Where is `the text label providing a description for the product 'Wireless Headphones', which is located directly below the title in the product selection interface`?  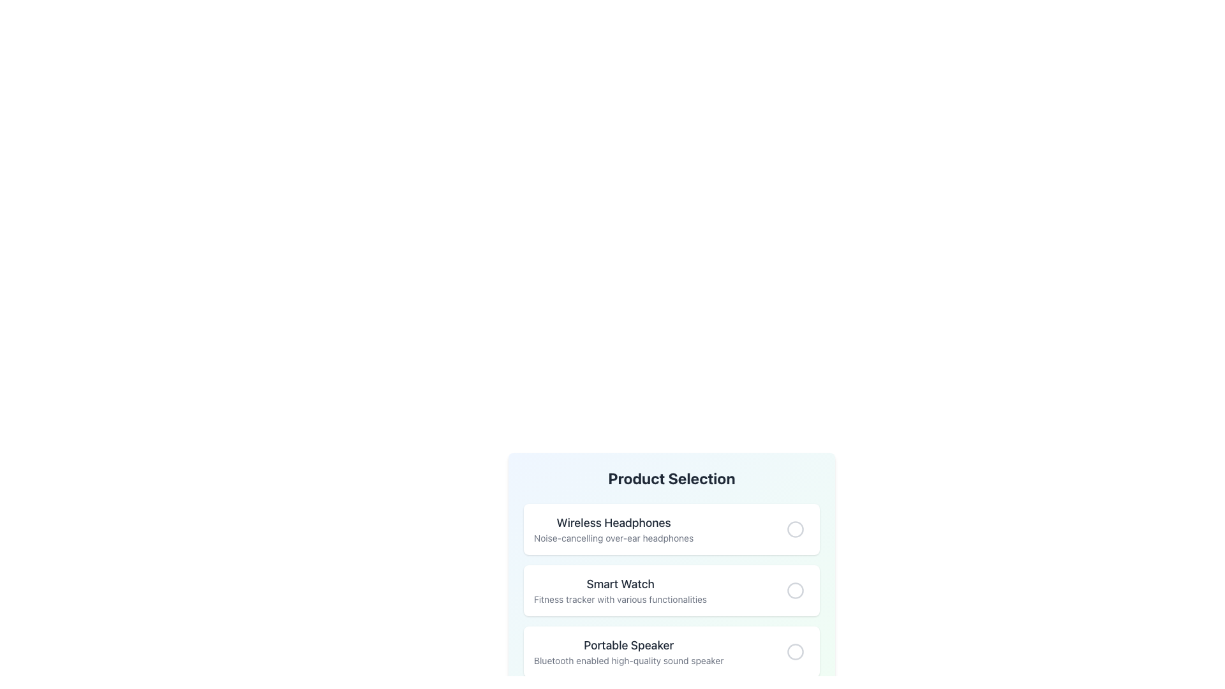
the text label providing a description for the product 'Wireless Headphones', which is located directly below the title in the product selection interface is located at coordinates (614, 538).